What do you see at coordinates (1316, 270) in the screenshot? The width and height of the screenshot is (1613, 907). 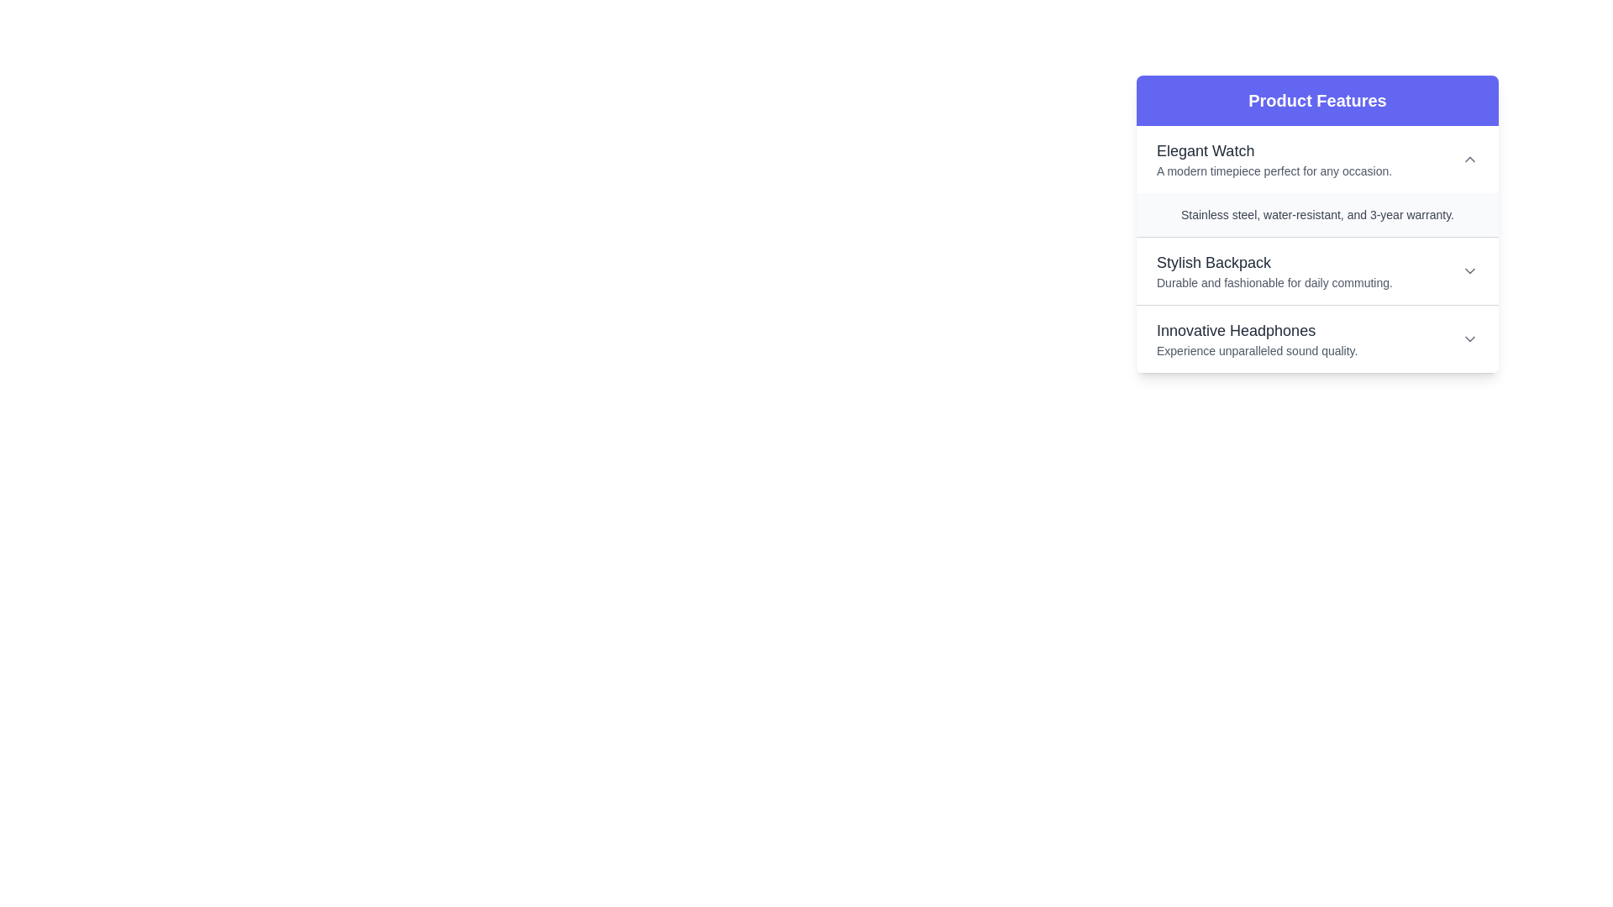 I see `the Interactive List Item labeled 'Stylish Backpack' for further actions` at bounding box center [1316, 270].